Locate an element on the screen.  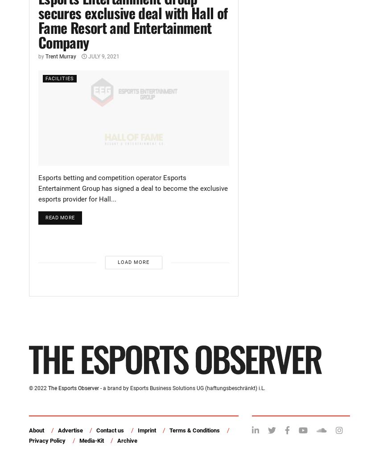
'Advertise' is located at coordinates (58, 430).